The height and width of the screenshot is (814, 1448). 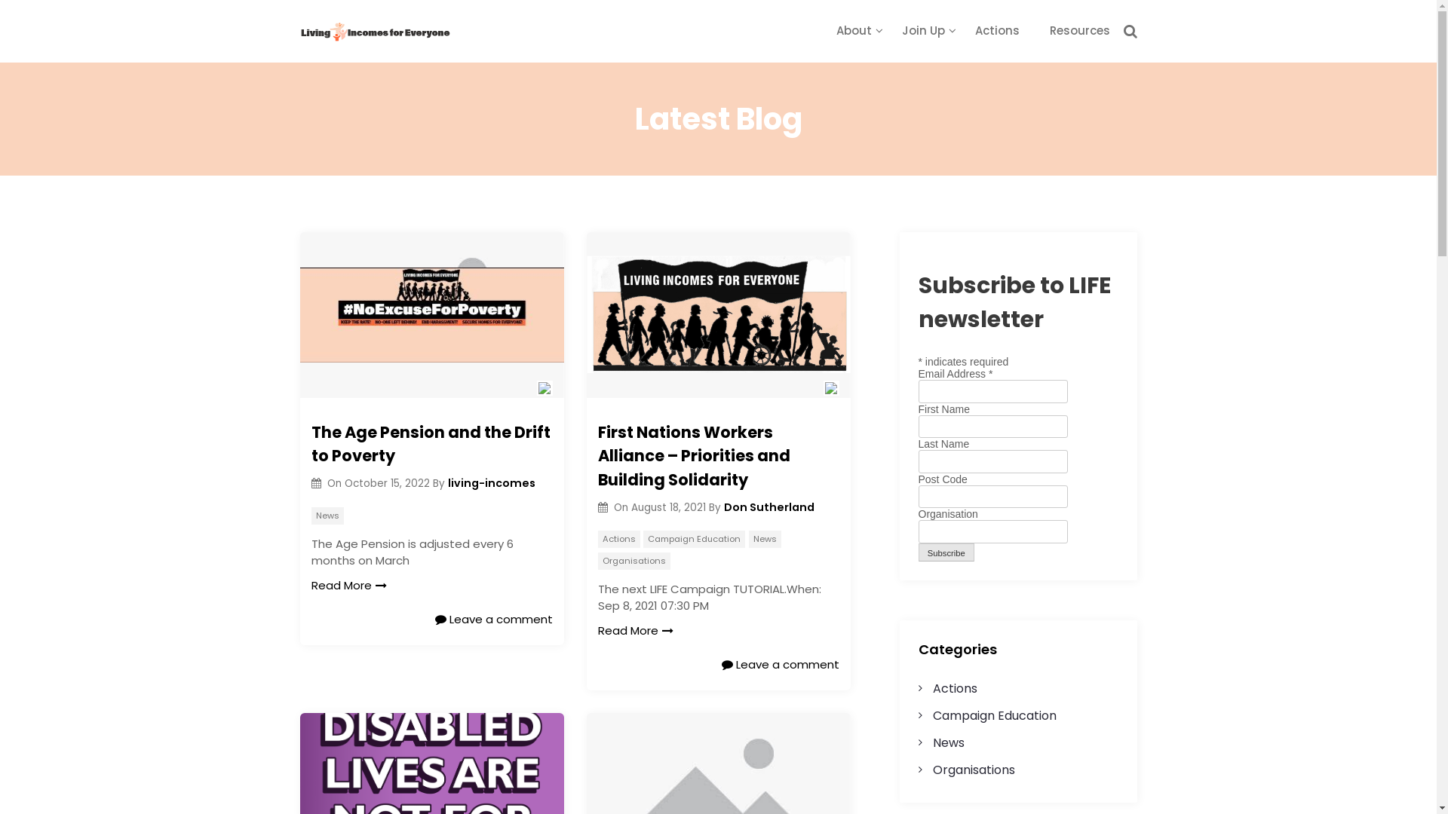 What do you see at coordinates (946, 552) in the screenshot?
I see `'Subscribe'` at bounding box center [946, 552].